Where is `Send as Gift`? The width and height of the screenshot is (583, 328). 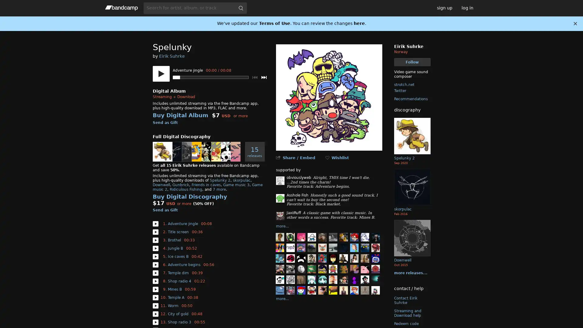
Send as Gift is located at coordinates (165, 210).